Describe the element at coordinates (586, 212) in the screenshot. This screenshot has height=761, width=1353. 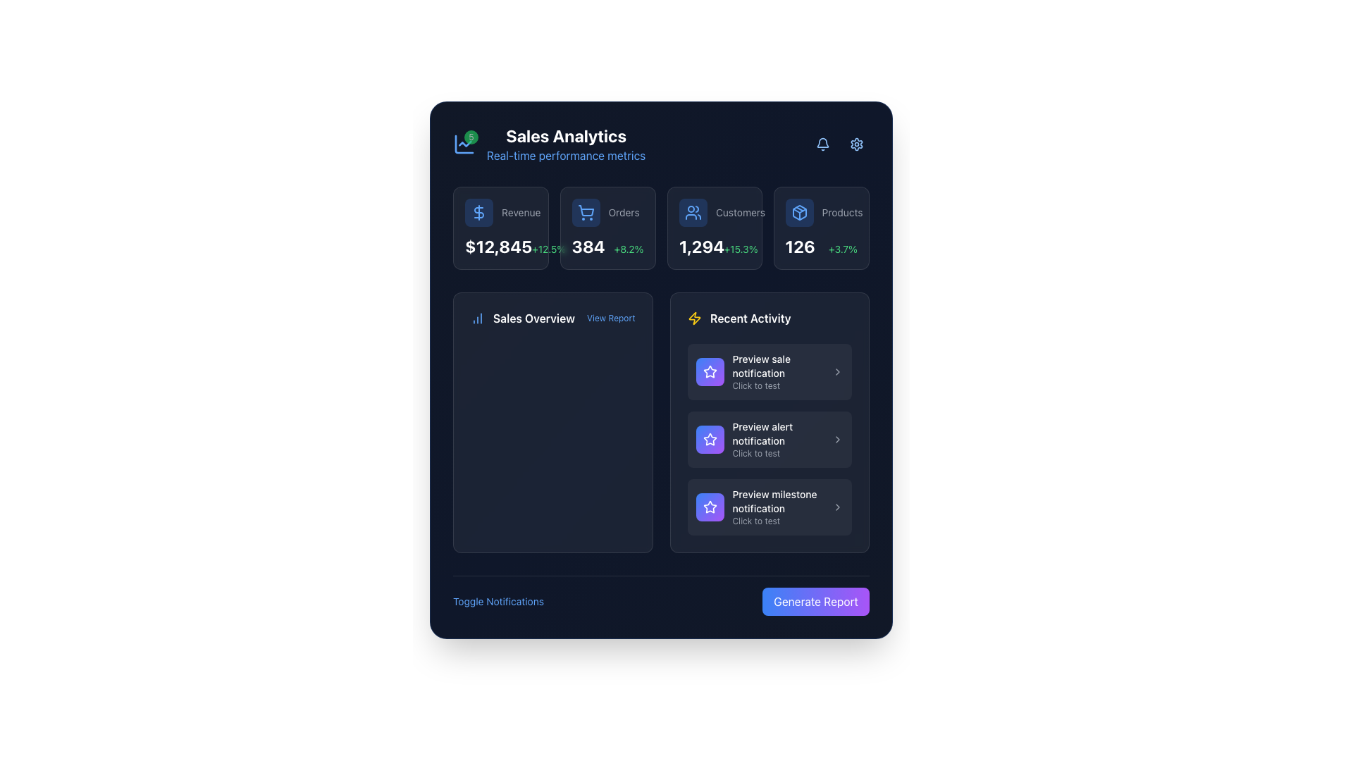
I see `the stylized light blue shopping cart icon located in the 'Orders' section of the dashboard, positioned above the number '384'` at that location.